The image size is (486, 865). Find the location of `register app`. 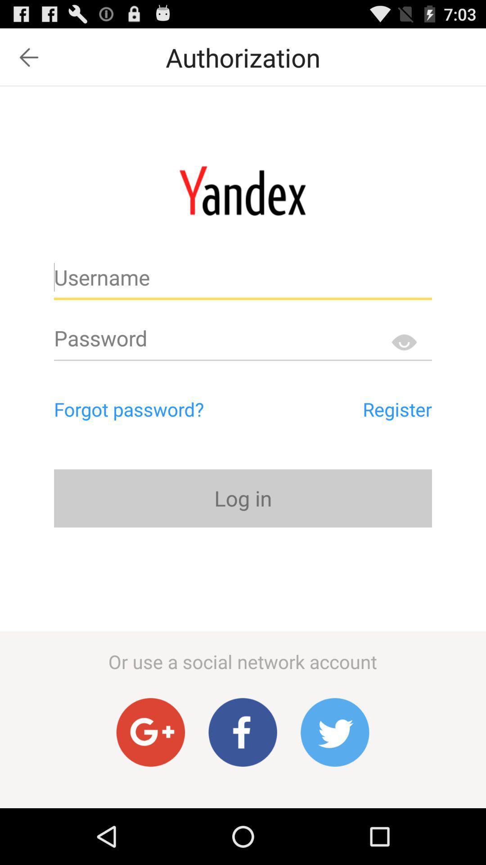

register app is located at coordinates (355, 409).